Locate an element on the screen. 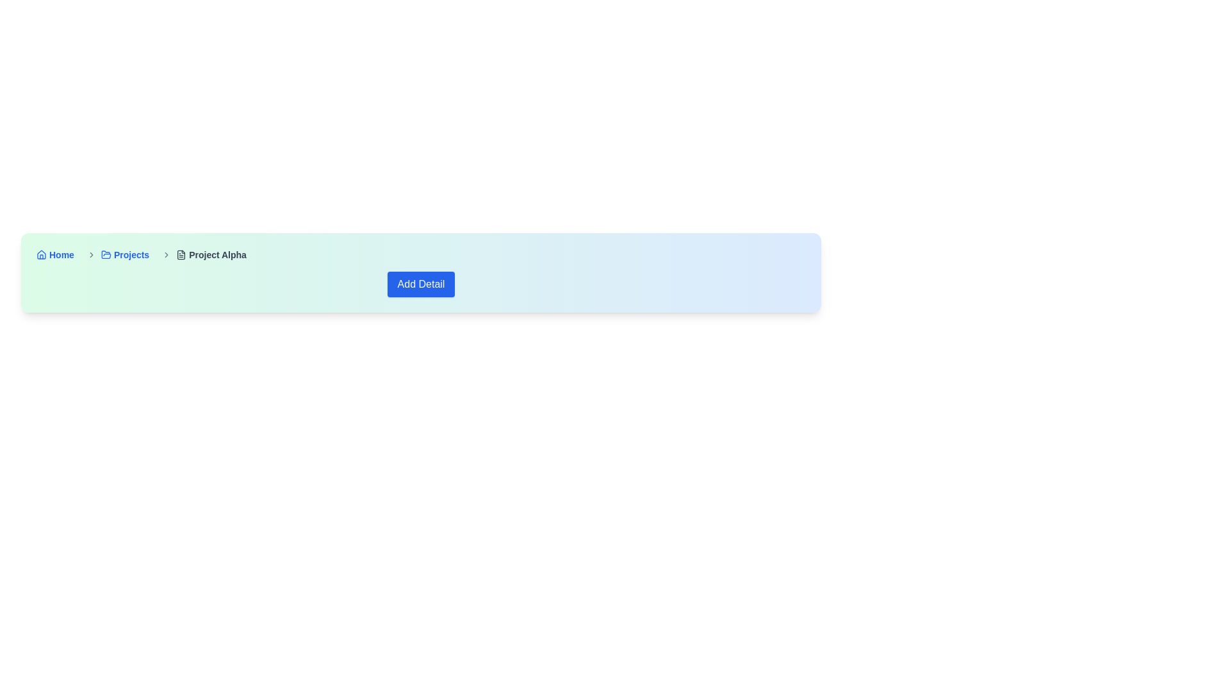 The width and height of the screenshot is (1230, 692). the SVG Icon representing the 'Projects' section in the breadcrumb navigation, which is located between the home icon and the text 'Projects' is located at coordinates (106, 254).